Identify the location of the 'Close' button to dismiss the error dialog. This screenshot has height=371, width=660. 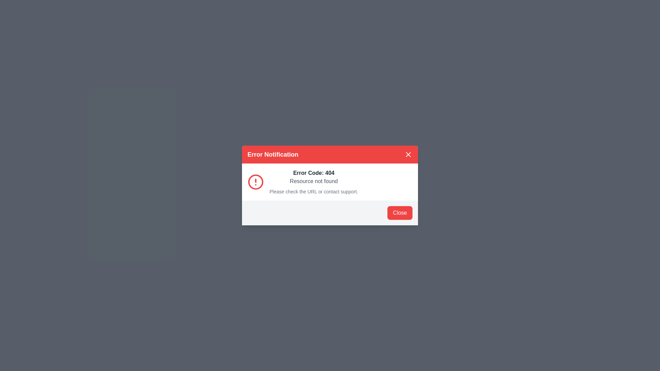
(400, 213).